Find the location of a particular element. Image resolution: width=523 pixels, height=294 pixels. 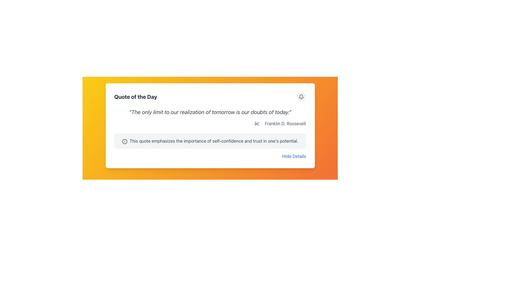

the Informational Text Block that contains a gray background panel with rounded corners, featuring an 'i' icon and the text: 'This quote emphasizes the importance of self-confidence and trust in one's potential.' is located at coordinates (210, 140).